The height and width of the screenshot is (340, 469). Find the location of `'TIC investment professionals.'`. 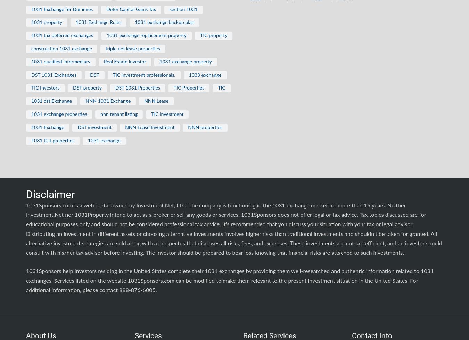

'TIC investment professionals.' is located at coordinates (144, 75).